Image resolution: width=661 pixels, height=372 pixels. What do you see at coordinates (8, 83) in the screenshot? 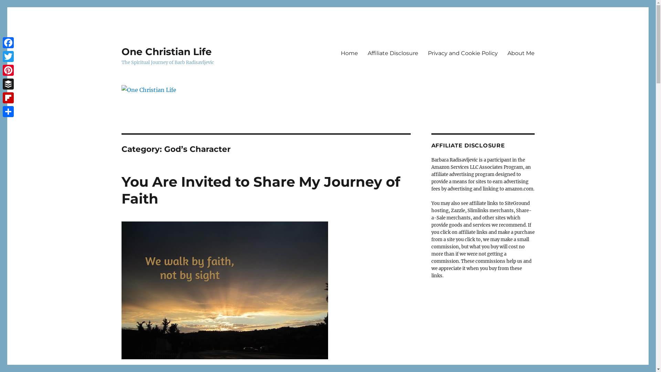
I see `'Buffer'` at bounding box center [8, 83].